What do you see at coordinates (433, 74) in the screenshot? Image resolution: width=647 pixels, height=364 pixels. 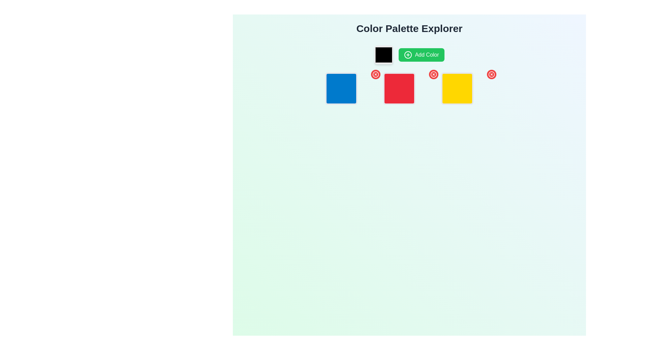 I see `the Icon Button used for deleting or removing the associated item, located to the top-left of the second red color block` at bounding box center [433, 74].